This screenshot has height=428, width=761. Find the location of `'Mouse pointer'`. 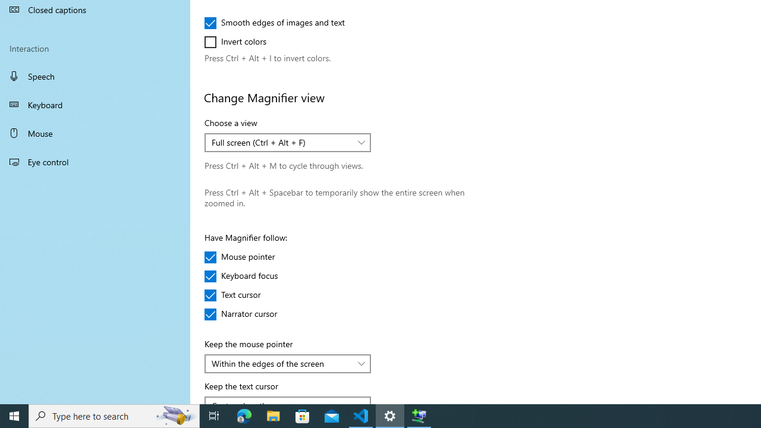

'Mouse pointer' is located at coordinates (239, 257).